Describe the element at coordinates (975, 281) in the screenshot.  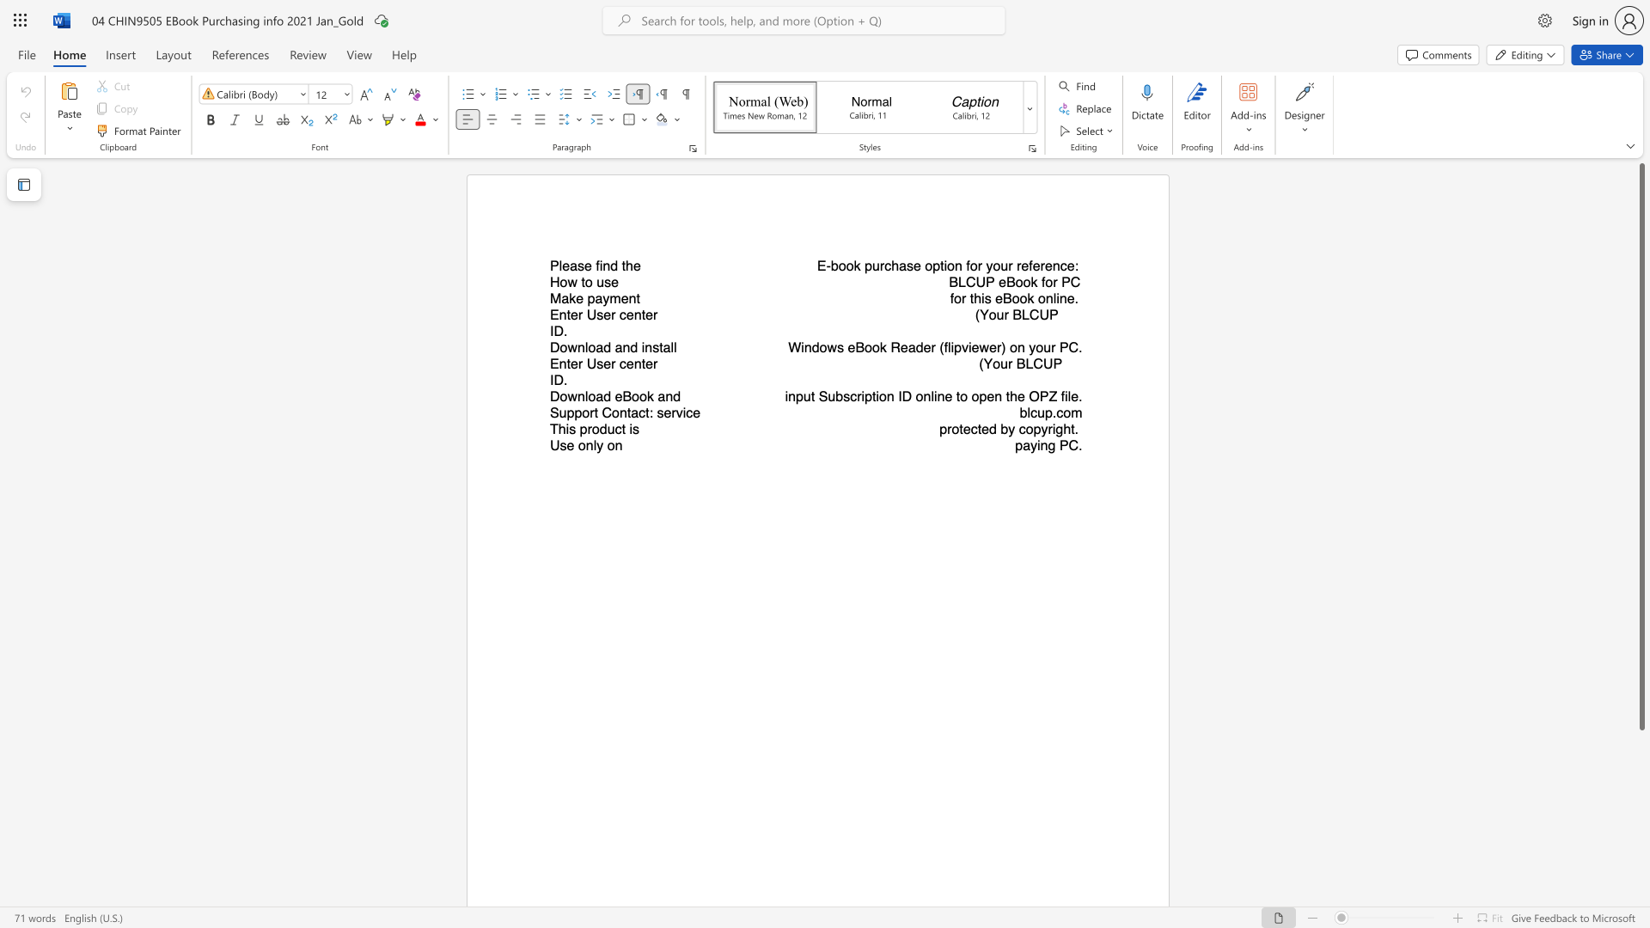
I see `the subset text "UP eBo" within the text "BLCUP eBook for PC"` at that location.